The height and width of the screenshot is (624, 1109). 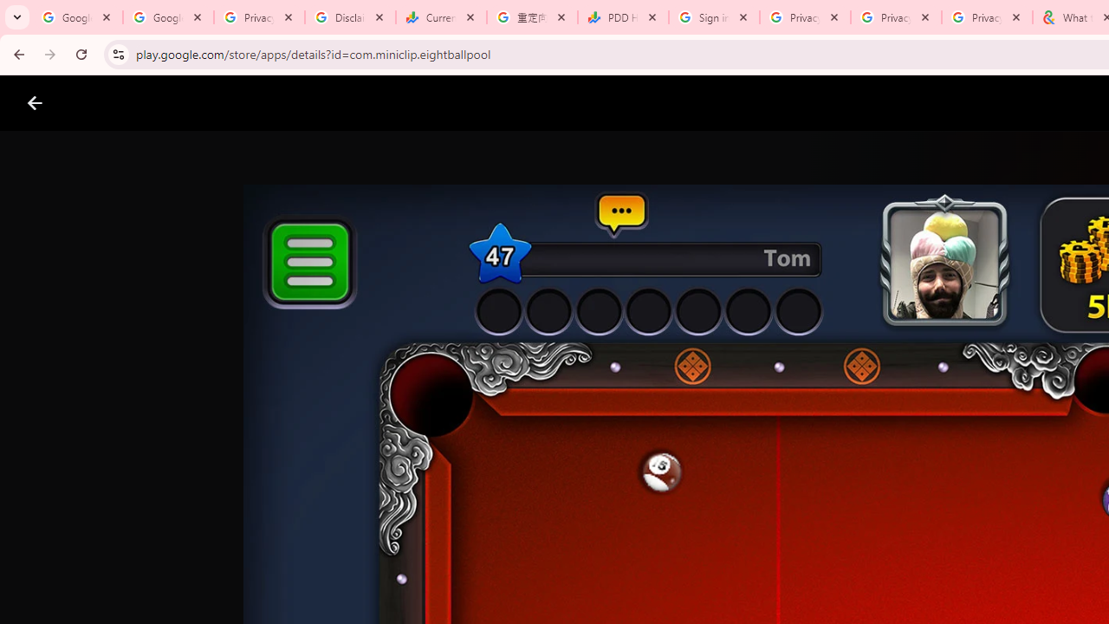 What do you see at coordinates (714, 17) in the screenshot?
I see `'Sign in - Google Accounts'` at bounding box center [714, 17].